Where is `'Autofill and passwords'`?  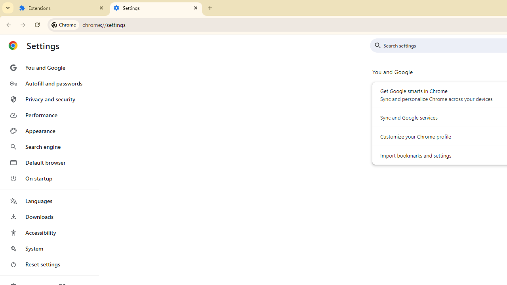
'Autofill and passwords' is located at coordinates (49, 83).